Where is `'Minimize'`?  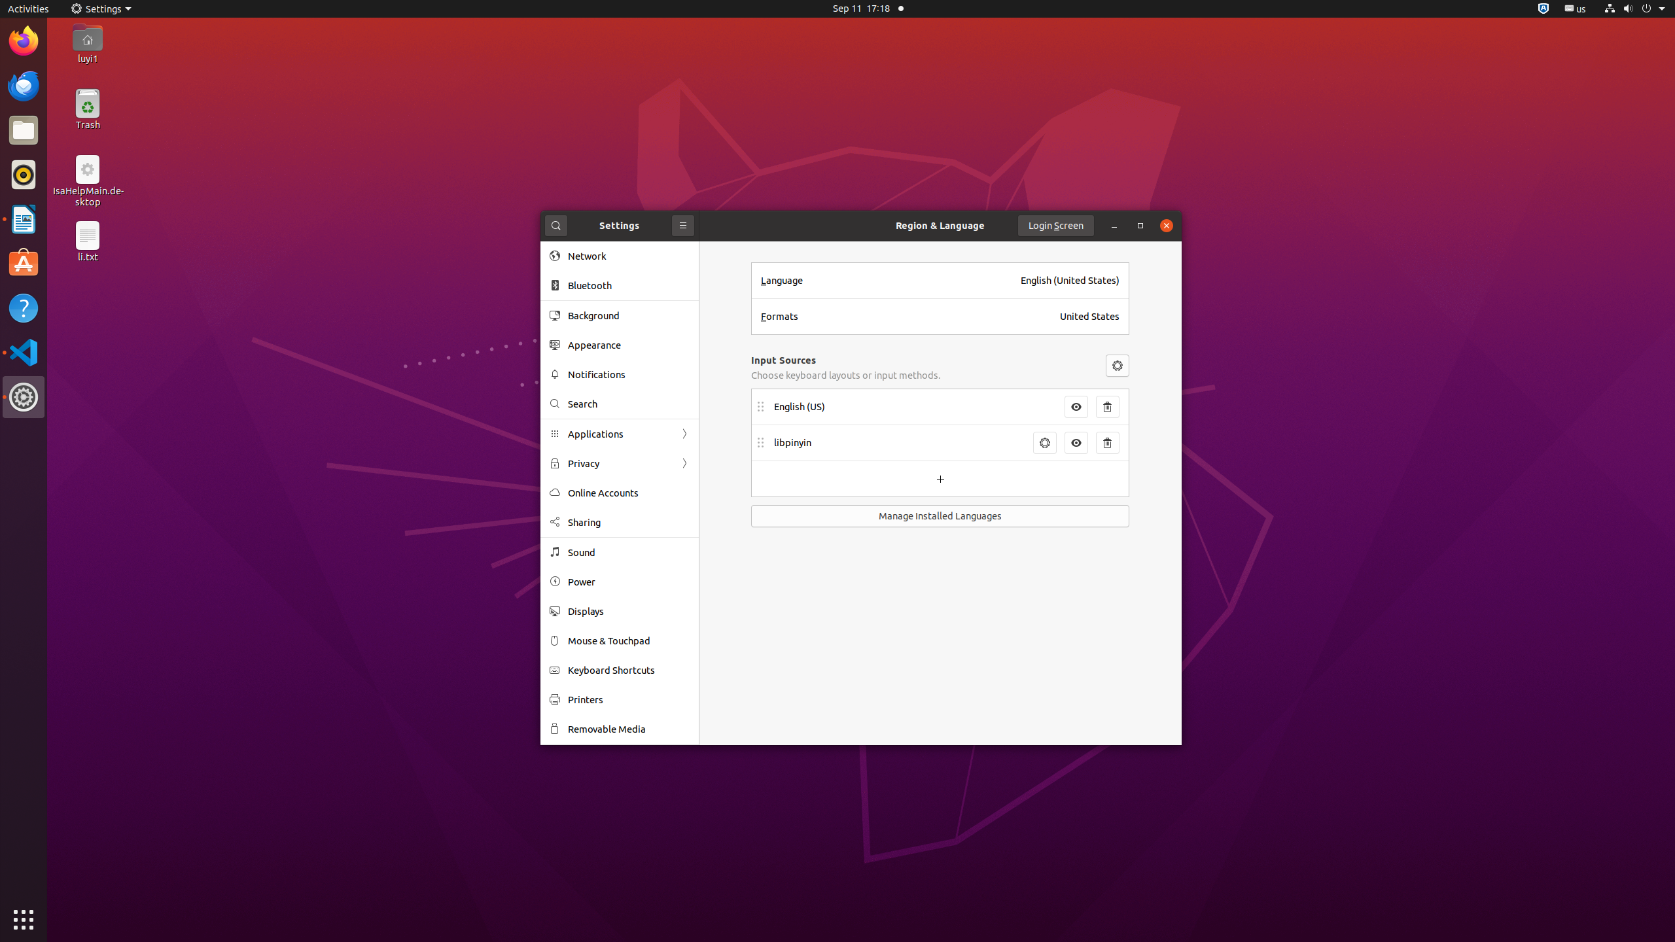
'Minimize' is located at coordinates (1113, 225).